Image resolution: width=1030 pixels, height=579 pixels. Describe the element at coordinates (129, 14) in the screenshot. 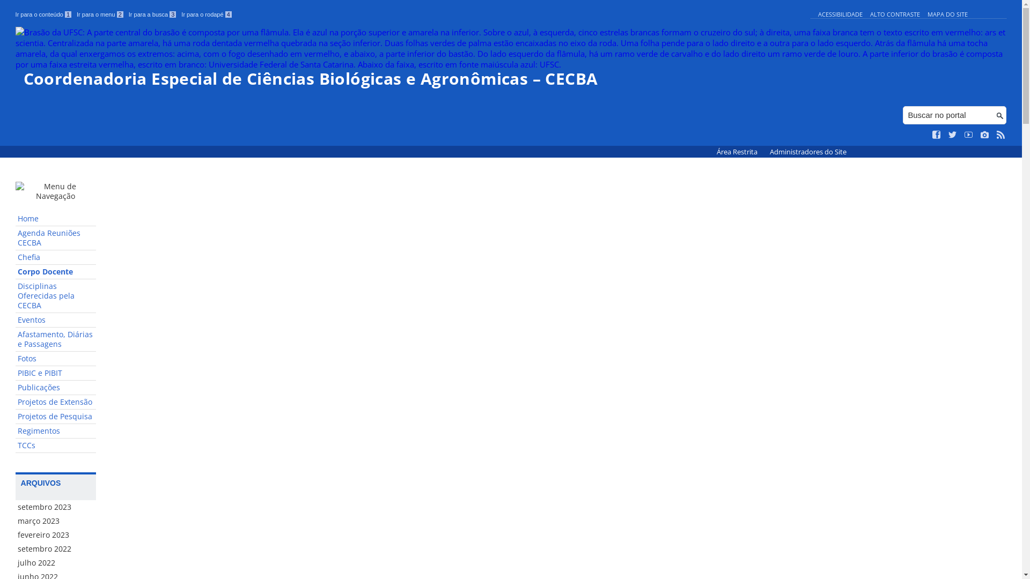

I see `'Ir para a busca 3'` at that location.